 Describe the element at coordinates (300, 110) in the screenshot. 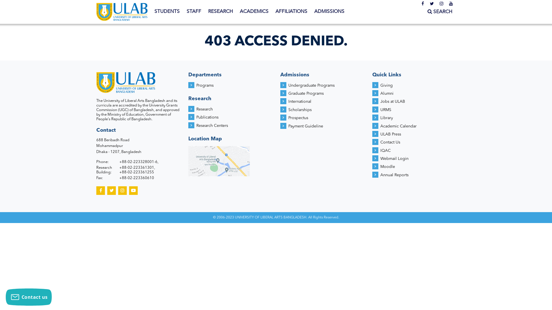

I see `'Scholarships'` at that location.